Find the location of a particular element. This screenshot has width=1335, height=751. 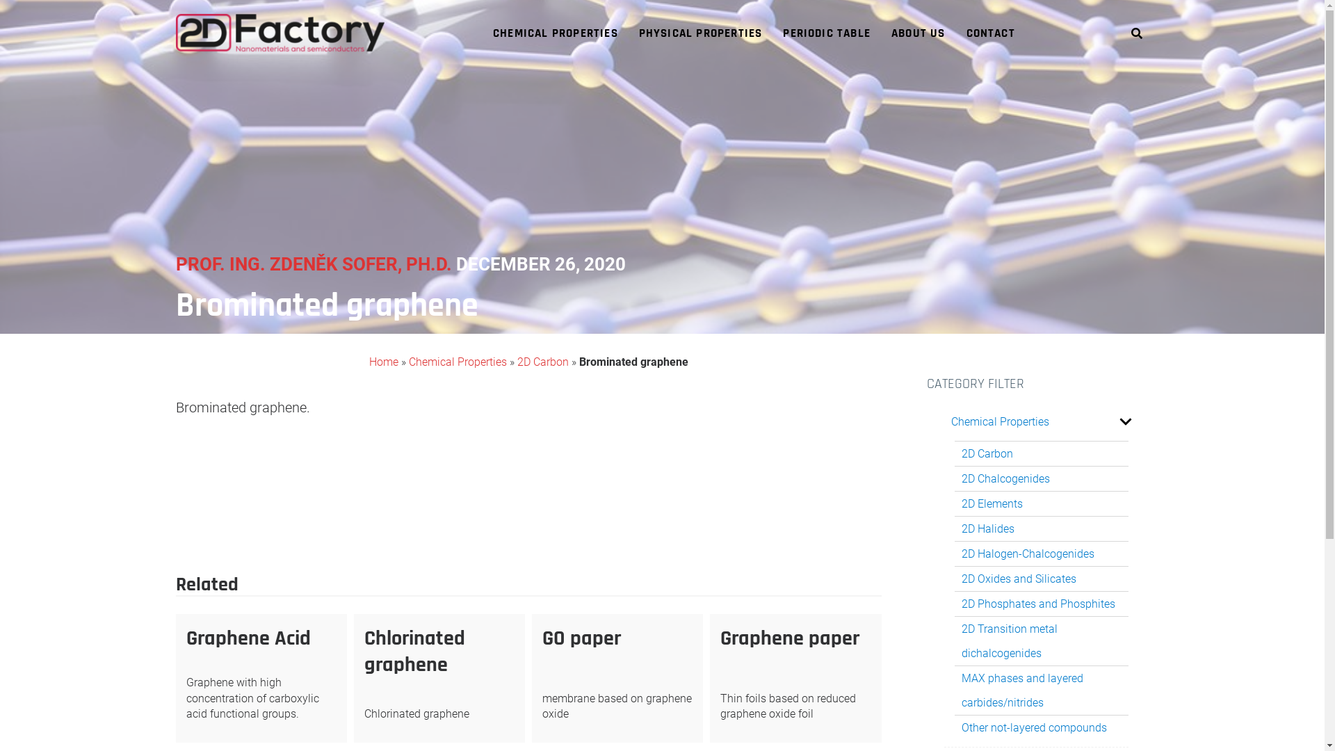

'Other not-layered compounds' is located at coordinates (1033, 727).